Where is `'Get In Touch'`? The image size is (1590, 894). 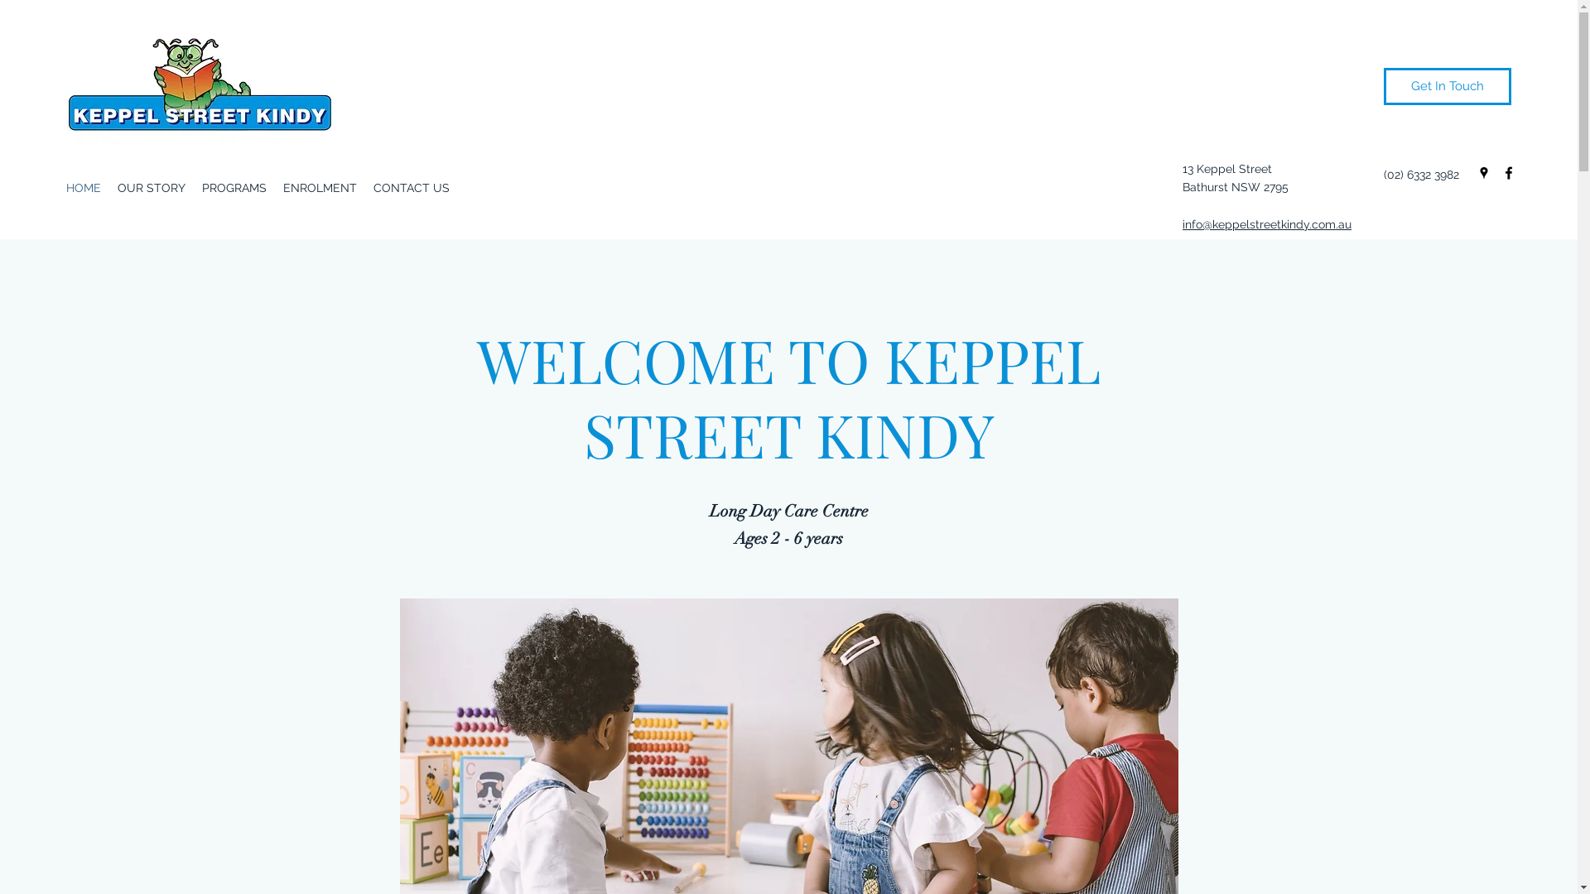
'Get In Touch' is located at coordinates (1446, 86).